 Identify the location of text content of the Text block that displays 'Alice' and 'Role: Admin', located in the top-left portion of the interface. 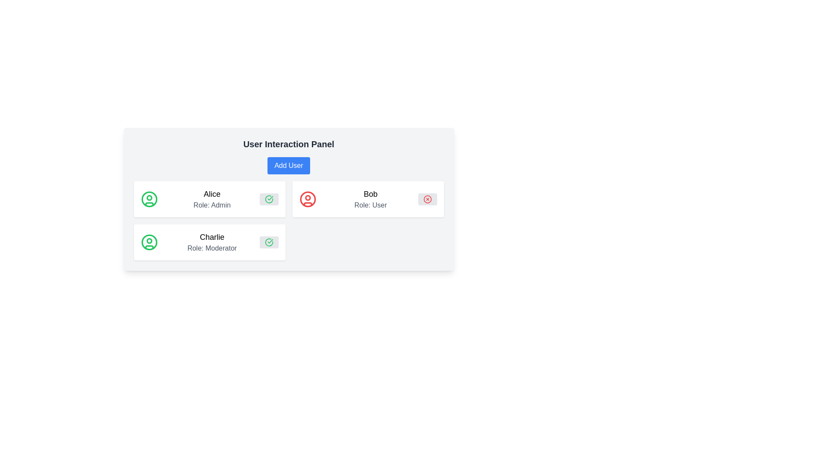
(212, 199).